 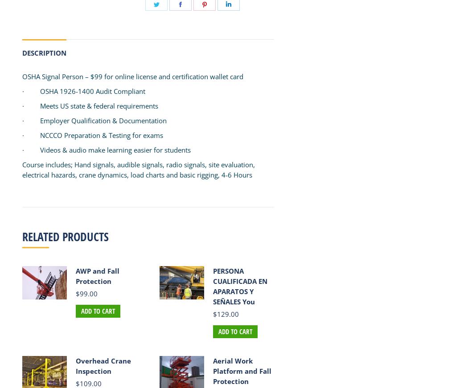 I want to click on 'Course includes; Hand signals, audible signals, radio signals, site evaluation, electrical hazards, crane dynamics, load charts and basic rigging, 4-6 Hours', so click(x=21, y=170).